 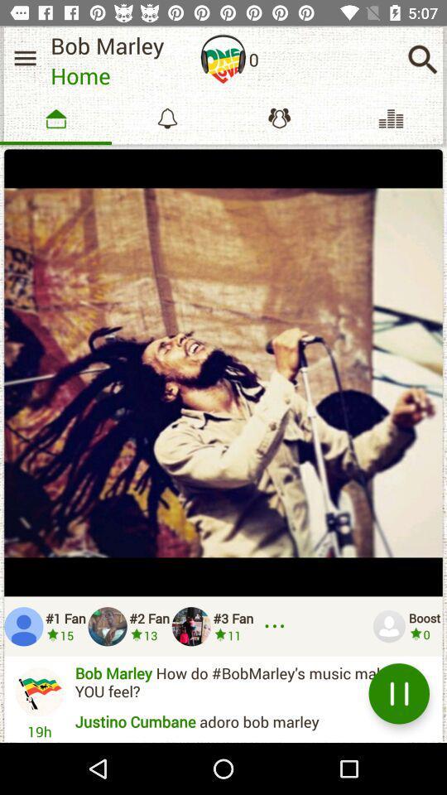 What do you see at coordinates (24, 58) in the screenshot?
I see `the item to the left of the bob marley icon` at bounding box center [24, 58].